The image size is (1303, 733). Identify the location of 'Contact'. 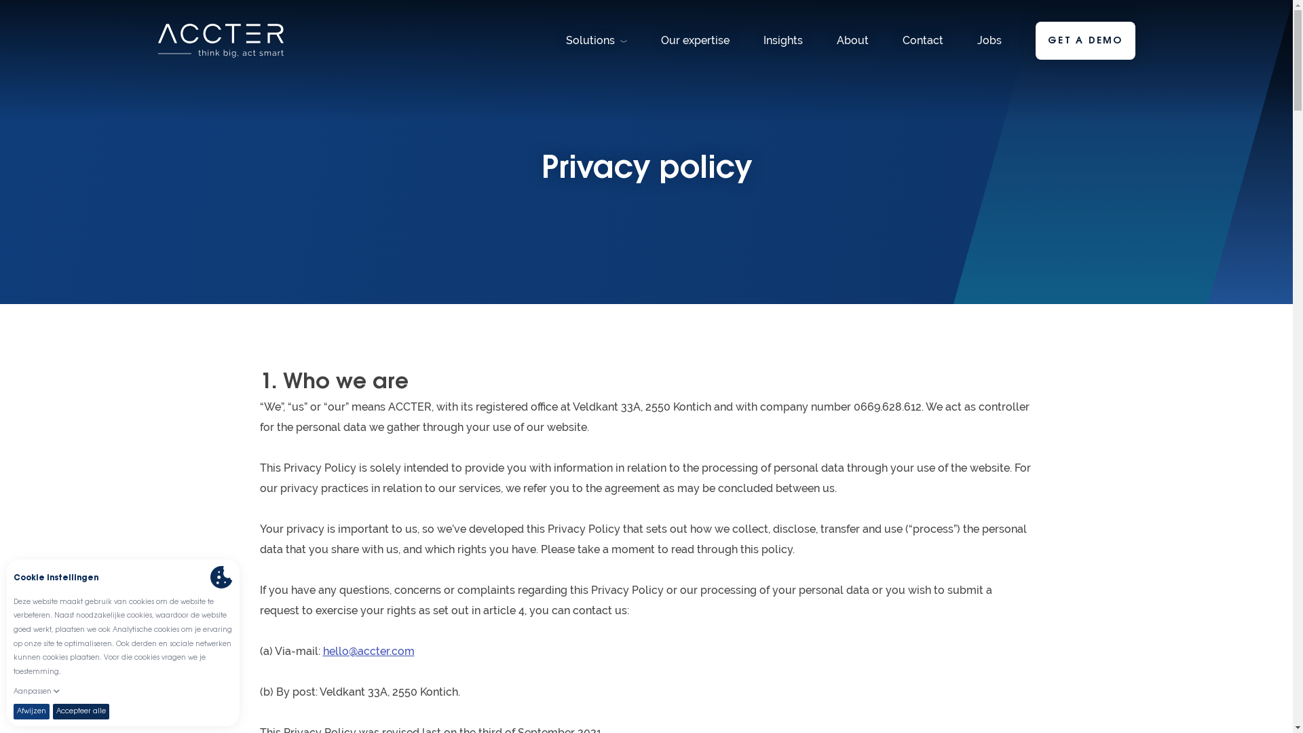
(902, 40).